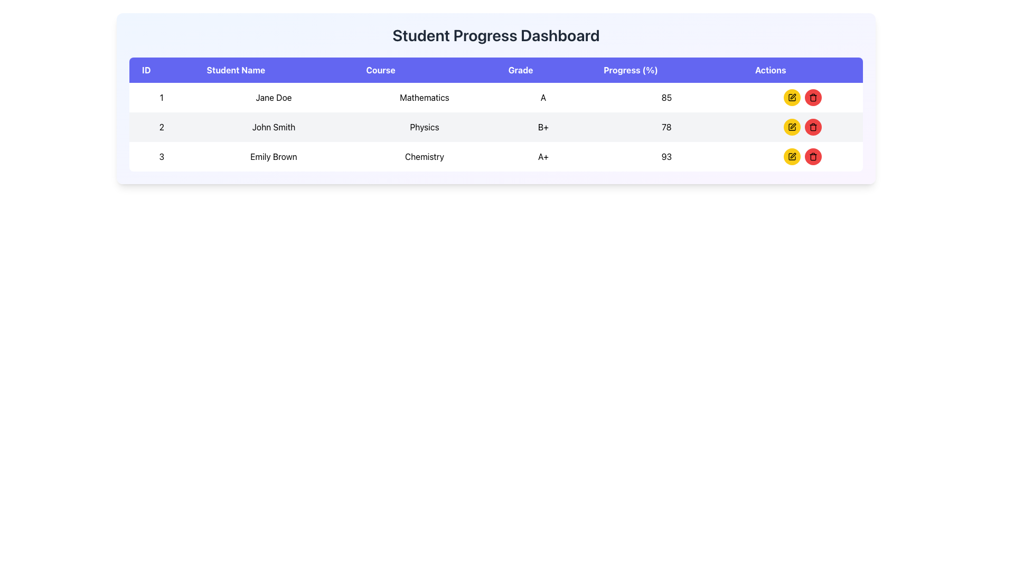 The width and height of the screenshot is (1014, 570). I want to click on the grade display for student 'John Smith' in the second row of the table, which is located under the 'Grade' column, so click(543, 126).